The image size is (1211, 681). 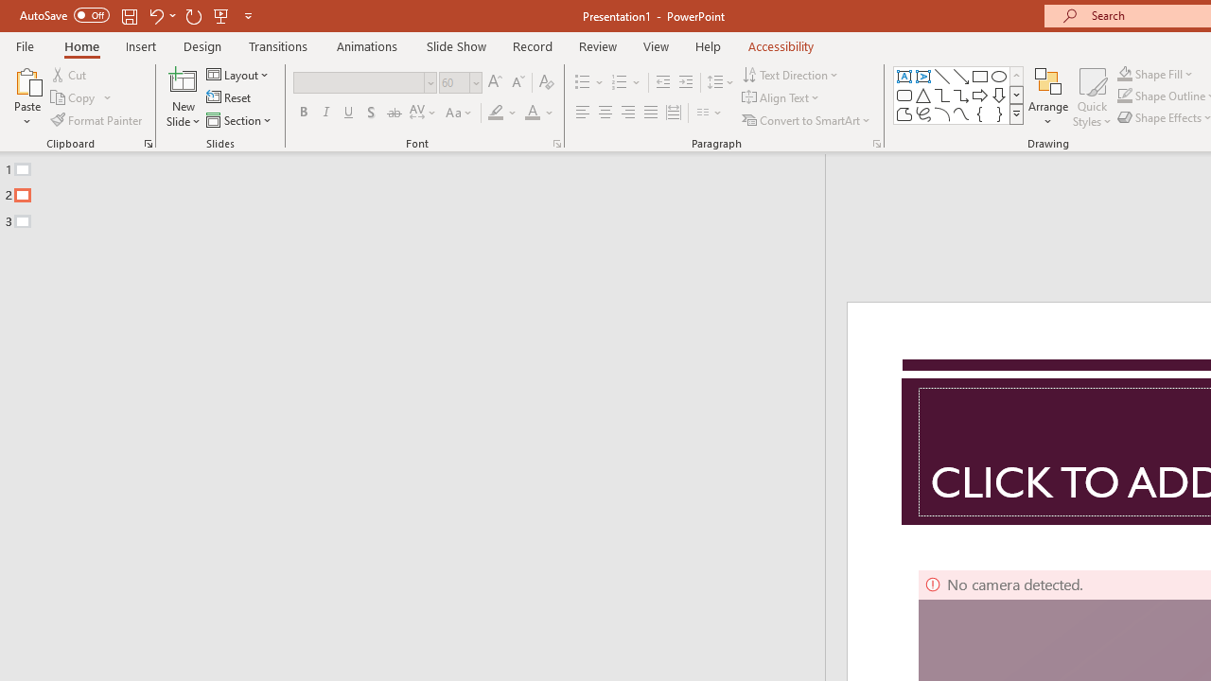 I want to click on 'Curve', so click(x=961, y=113).